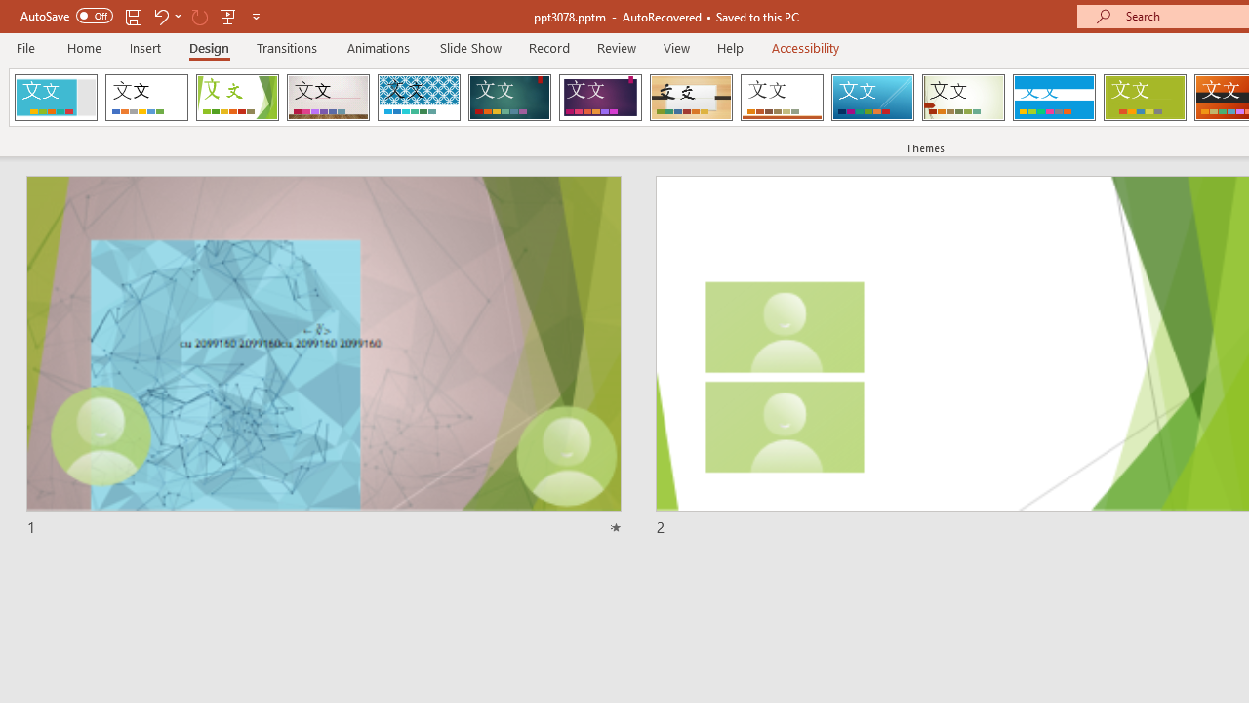 Image resolution: width=1249 pixels, height=703 pixels. What do you see at coordinates (782, 98) in the screenshot?
I see `'Retrospect'` at bounding box center [782, 98].